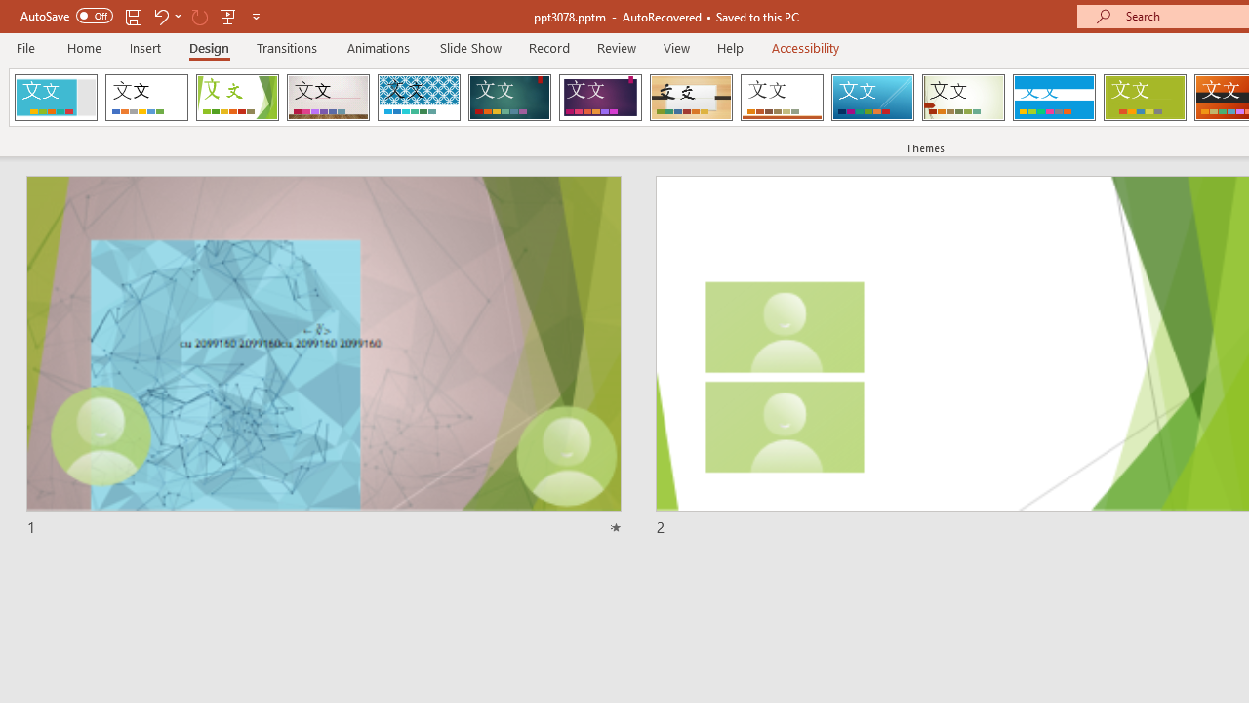 Image resolution: width=1249 pixels, height=703 pixels. What do you see at coordinates (782, 98) in the screenshot?
I see `'Retrospect'` at bounding box center [782, 98].